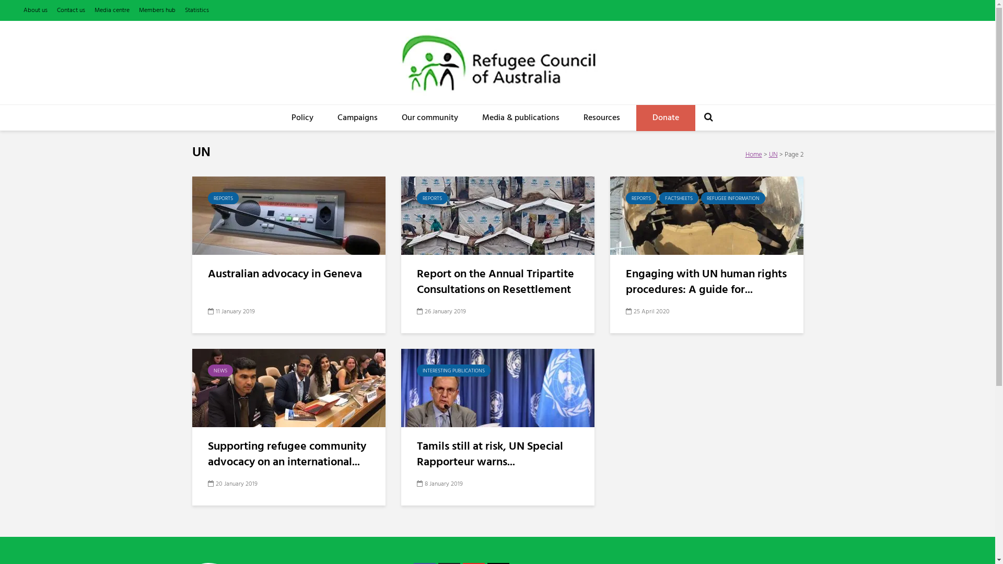 This screenshot has height=564, width=1003. I want to click on 'UN', so click(773, 155).